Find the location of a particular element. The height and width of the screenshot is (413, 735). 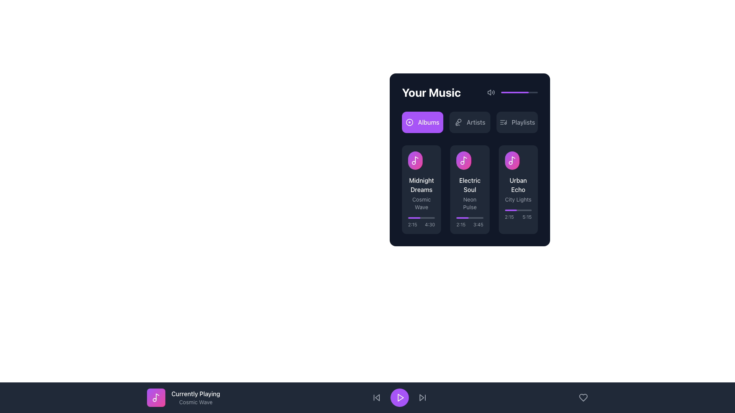

the text label displaying 'Midnight Dreams', which is styled with a white font on a dark background and is located in the top-middle of the card titled 'Midnight Dreams' is located at coordinates (421, 185).